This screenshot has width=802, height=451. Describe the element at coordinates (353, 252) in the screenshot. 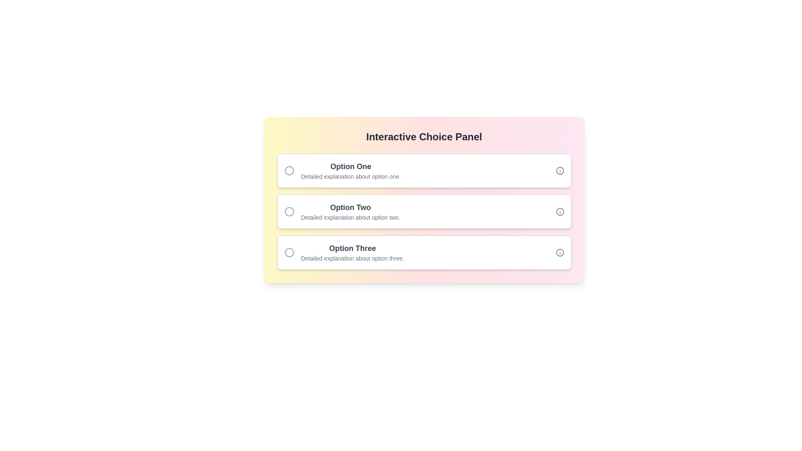

I see `the text block that displays a header and detailed description, located as the third option in a vertically-arranged selection group, immediately below the 'Option Two' element` at that location.